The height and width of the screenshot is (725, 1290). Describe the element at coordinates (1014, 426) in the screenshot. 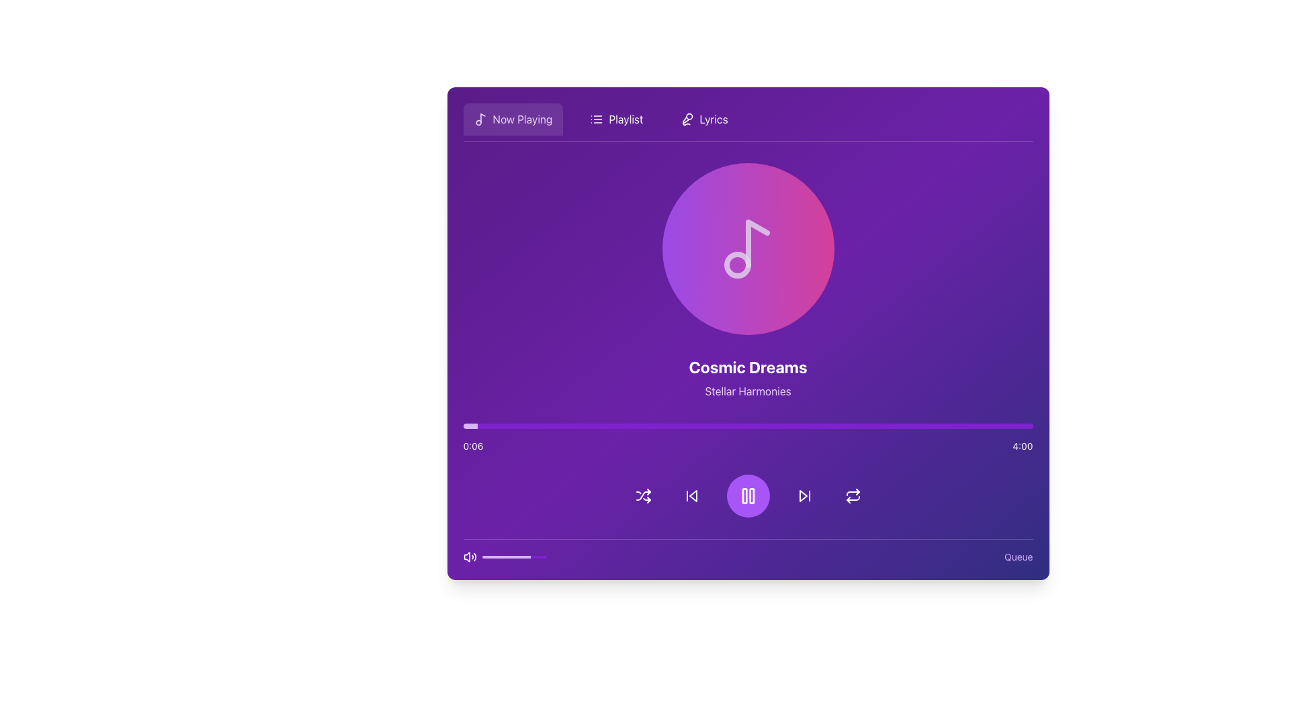

I see `the playback position` at that location.